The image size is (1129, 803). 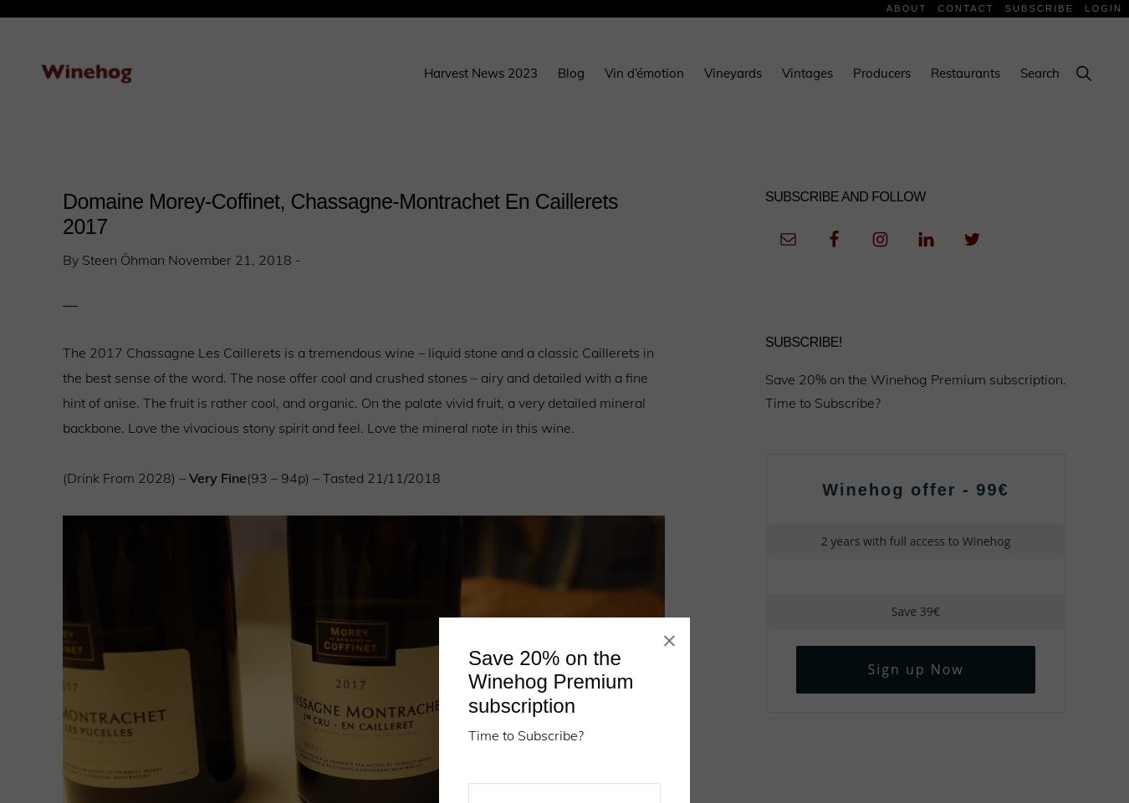 I want to click on 'Search', so click(x=1019, y=73).